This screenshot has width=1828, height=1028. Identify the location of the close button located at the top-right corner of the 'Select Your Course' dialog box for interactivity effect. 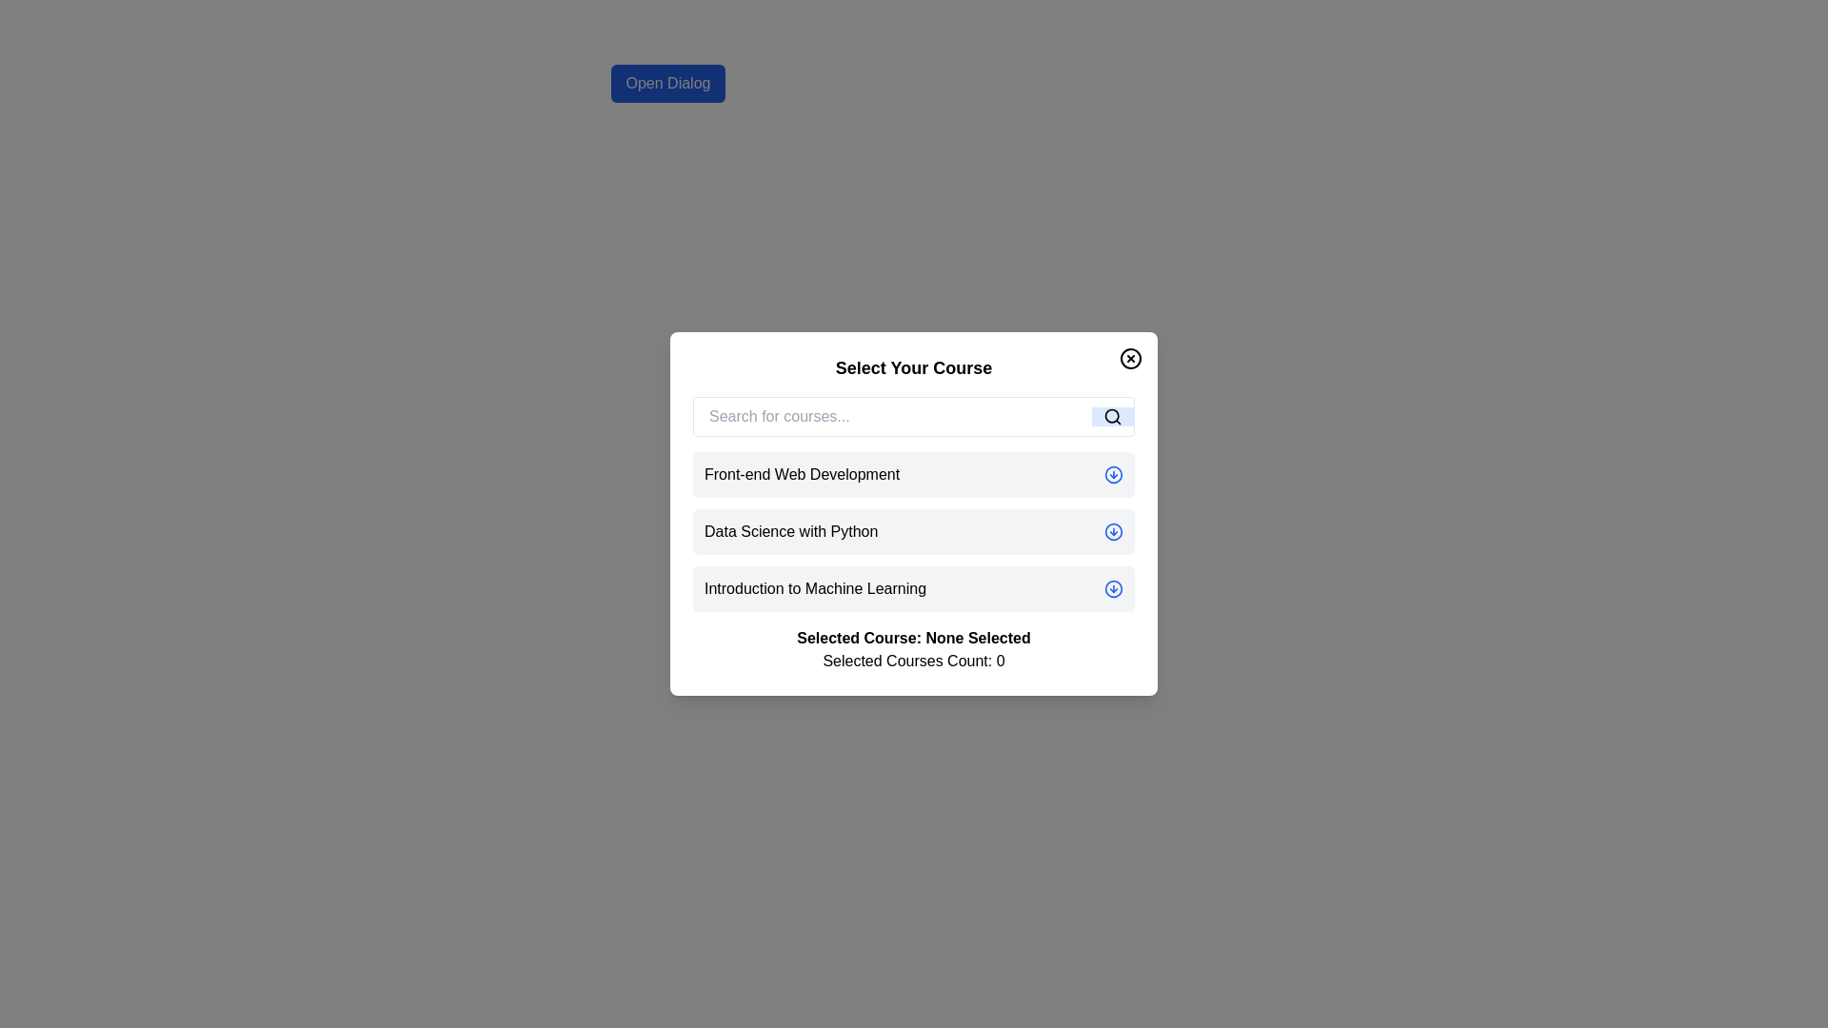
(1131, 359).